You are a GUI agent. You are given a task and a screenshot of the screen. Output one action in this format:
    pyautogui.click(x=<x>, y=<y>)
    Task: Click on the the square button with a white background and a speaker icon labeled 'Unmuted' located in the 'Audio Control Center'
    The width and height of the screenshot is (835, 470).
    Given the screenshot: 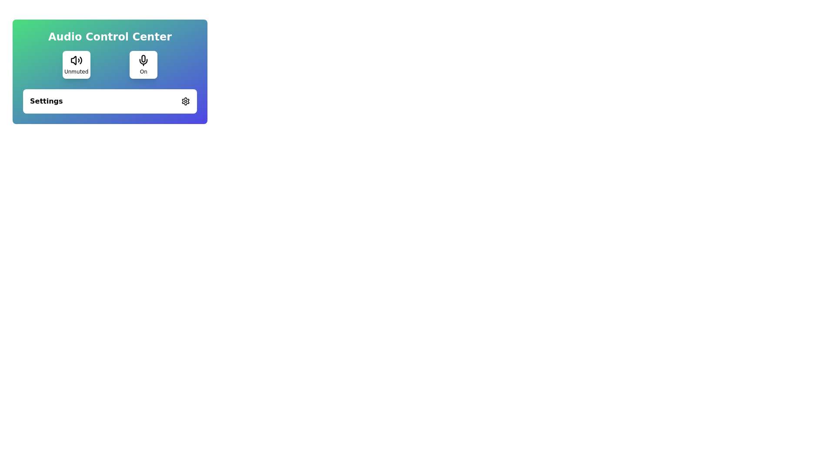 What is the action you would take?
    pyautogui.click(x=76, y=64)
    